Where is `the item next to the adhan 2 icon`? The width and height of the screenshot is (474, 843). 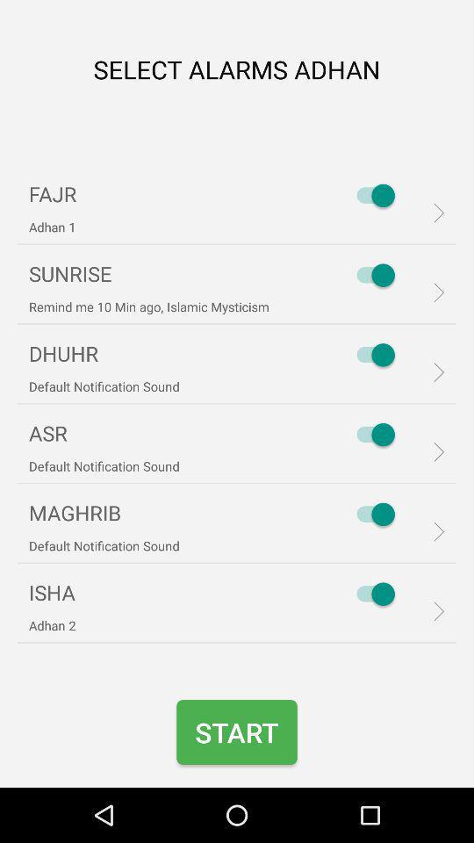 the item next to the adhan 2 icon is located at coordinates (370, 594).